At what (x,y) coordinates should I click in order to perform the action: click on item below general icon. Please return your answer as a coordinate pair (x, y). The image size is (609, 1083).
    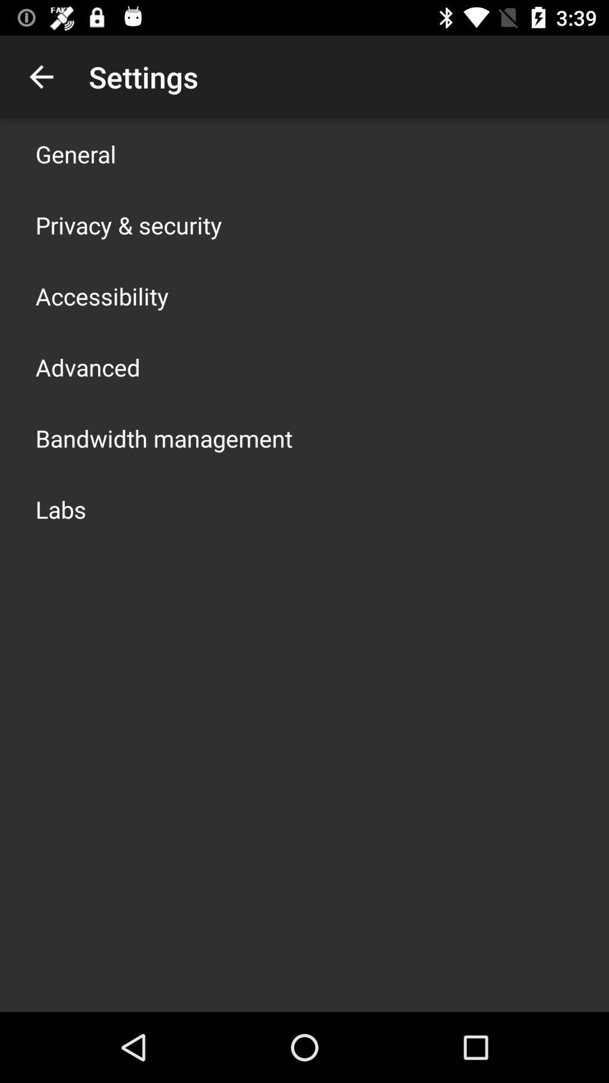
    Looking at the image, I should click on (128, 224).